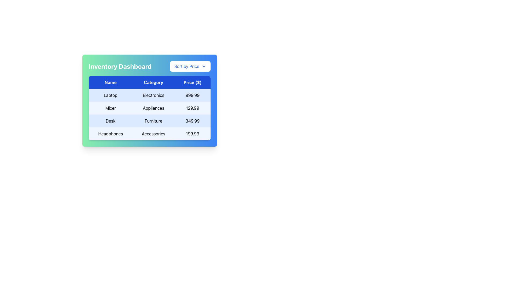 The width and height of the screenshot is (515, 289). Describe the element at coordinates (149, 82) in the screenshot. I see `the Table Header containing the labels 'Name', 'Category', and 'Price ($)' by moving the cursor to the center of the element` at that location.